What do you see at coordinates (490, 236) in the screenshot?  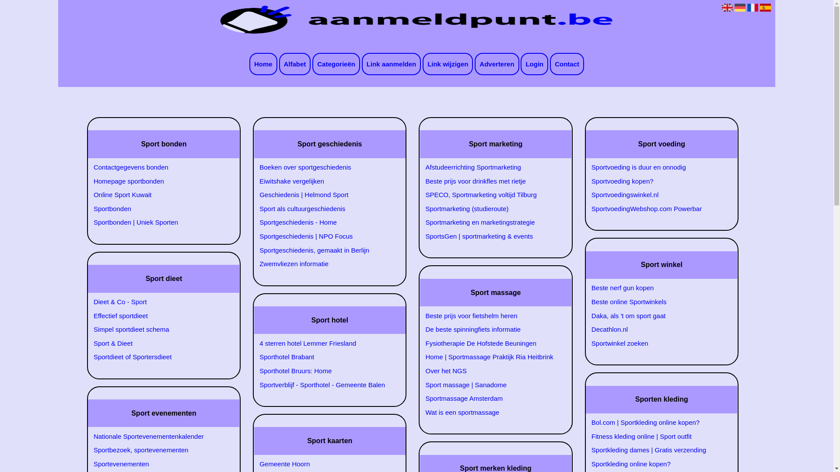 I see `'SportsGen | sportmarketing & events'` at bounding box center [490, 236].